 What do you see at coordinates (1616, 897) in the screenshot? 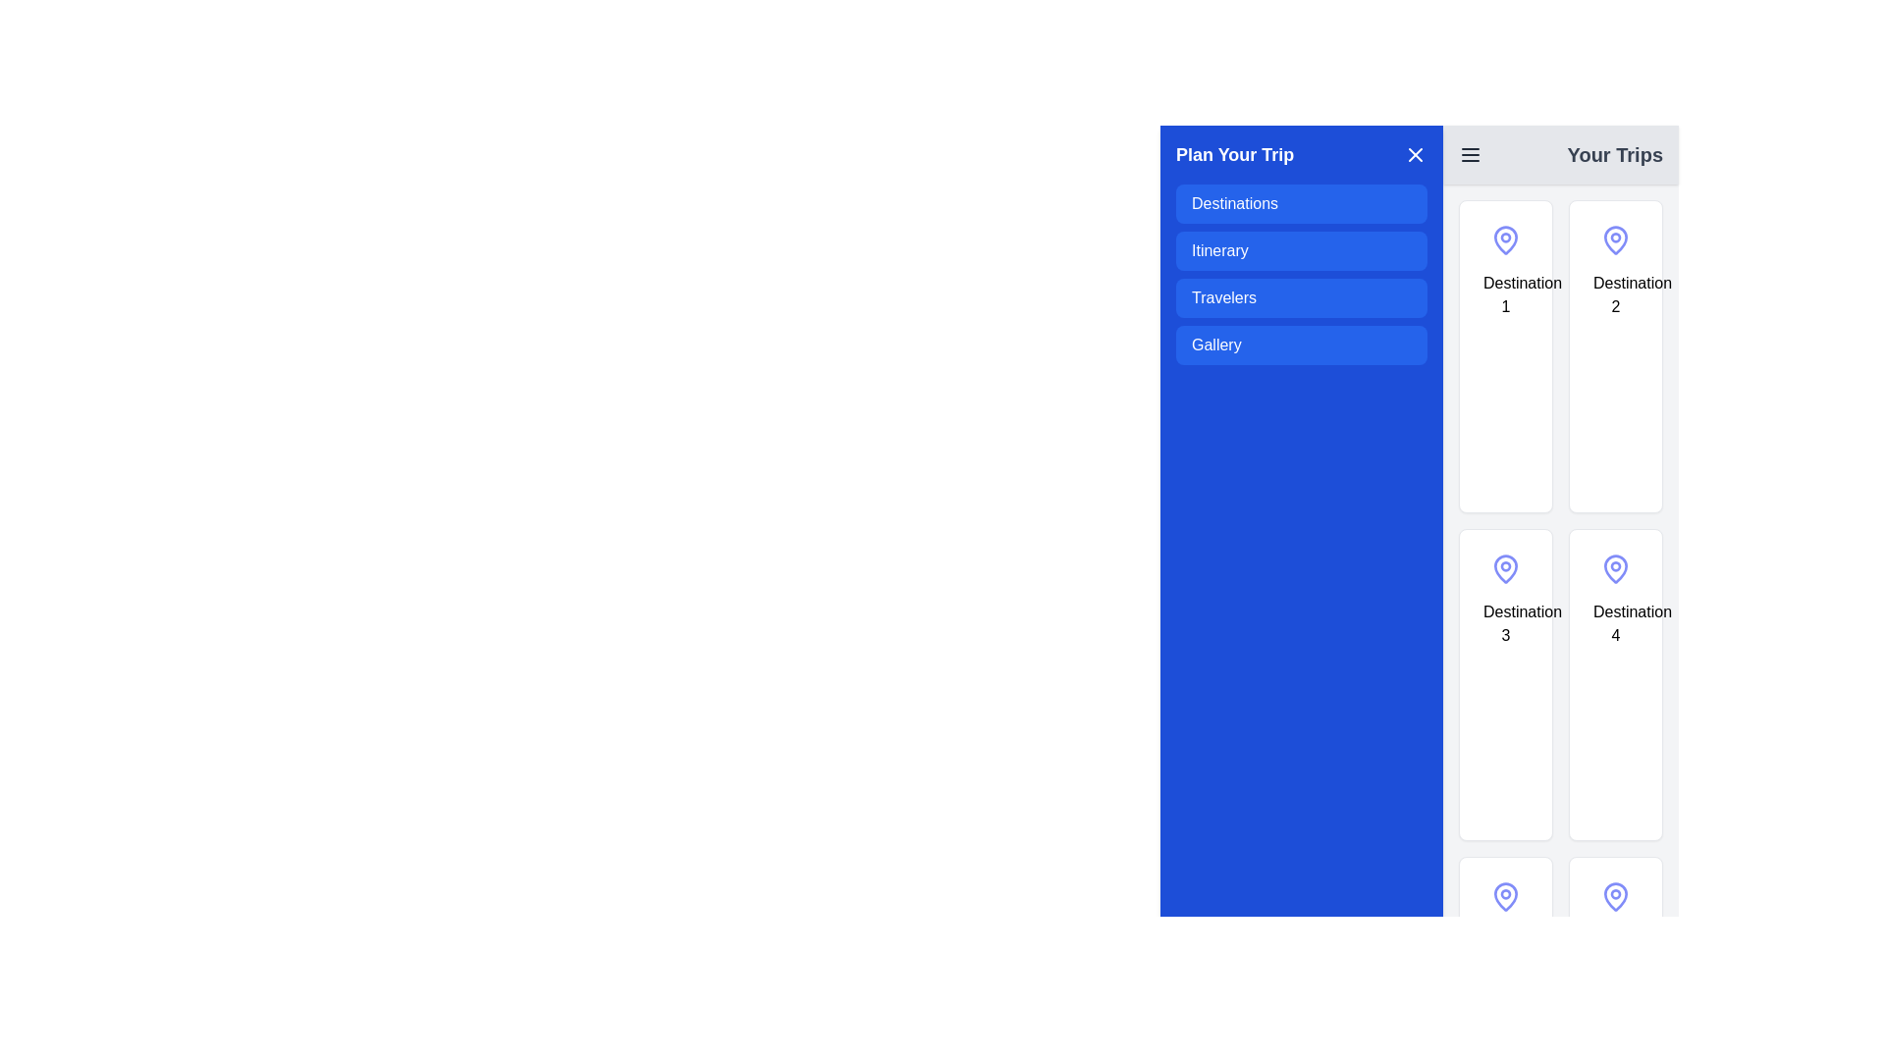
I see `the geography-related icon located in 'Destination 6' card at the bottom row` at bounding box center [1616, 897].